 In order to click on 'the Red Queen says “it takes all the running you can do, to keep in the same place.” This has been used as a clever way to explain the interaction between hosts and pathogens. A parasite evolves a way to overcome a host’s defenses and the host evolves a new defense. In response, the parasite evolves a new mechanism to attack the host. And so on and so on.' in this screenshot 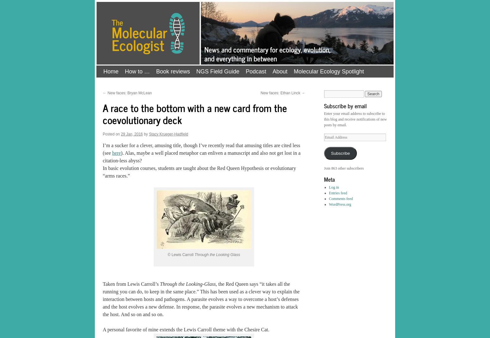, I will do `click(200, 299)`.